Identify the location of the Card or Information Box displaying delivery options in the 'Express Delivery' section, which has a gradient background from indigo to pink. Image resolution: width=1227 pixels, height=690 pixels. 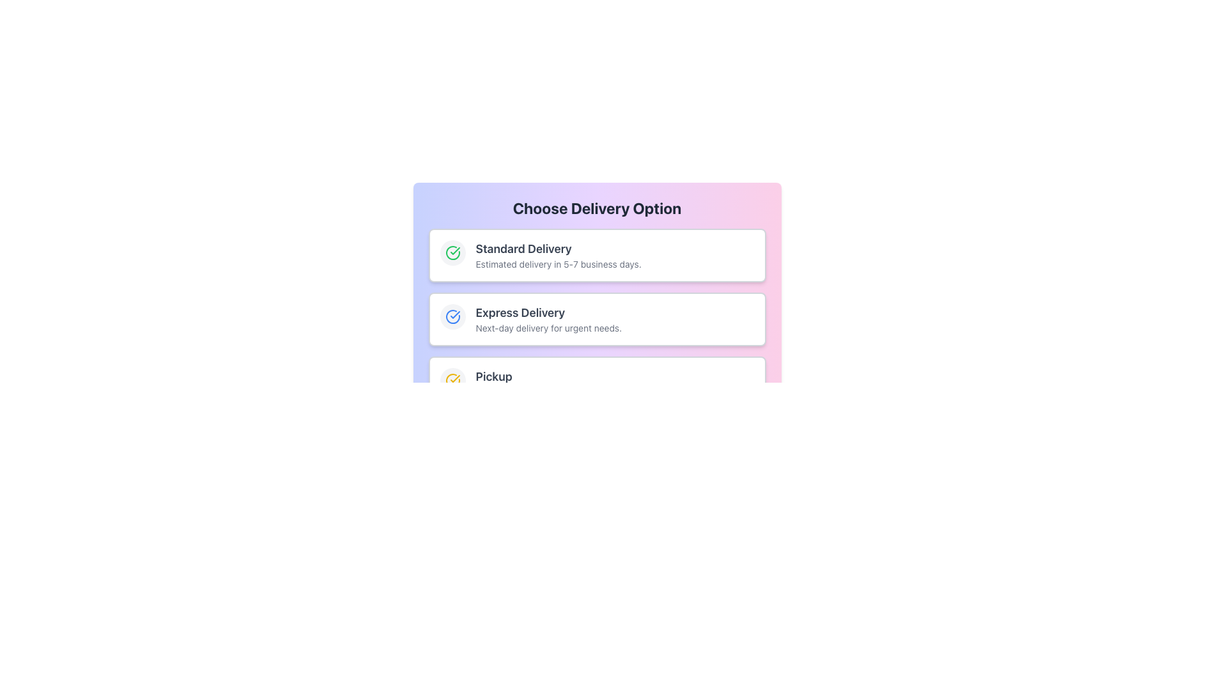
(596, 319).